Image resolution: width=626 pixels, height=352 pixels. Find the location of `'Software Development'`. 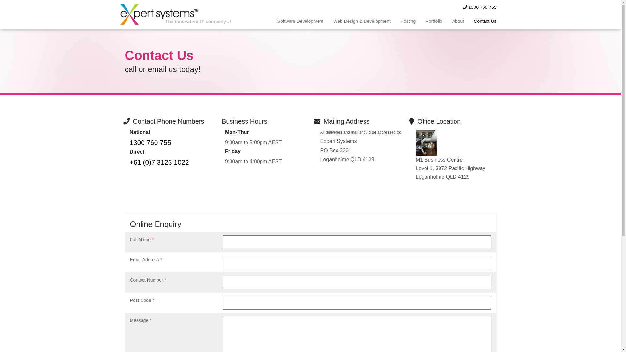

'Software Development' is located at coordinates (272, 21).